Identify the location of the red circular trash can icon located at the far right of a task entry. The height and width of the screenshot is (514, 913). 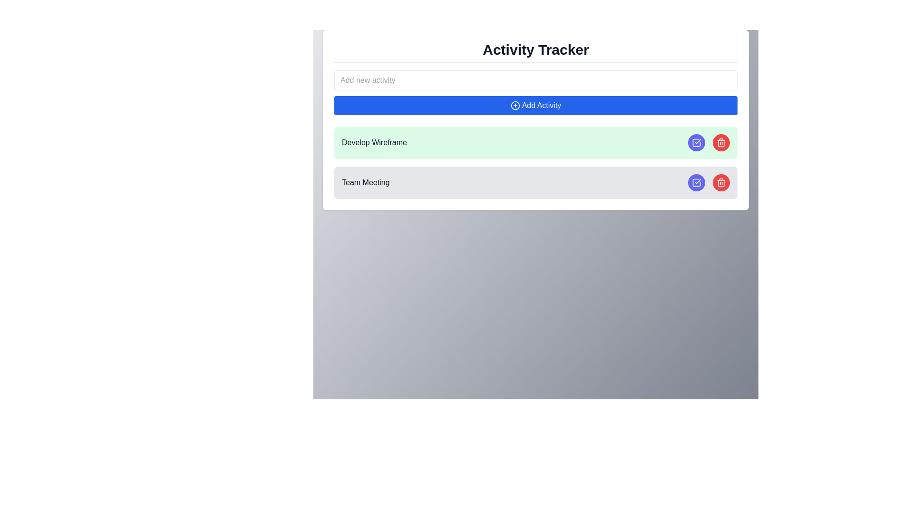
(721, 183).